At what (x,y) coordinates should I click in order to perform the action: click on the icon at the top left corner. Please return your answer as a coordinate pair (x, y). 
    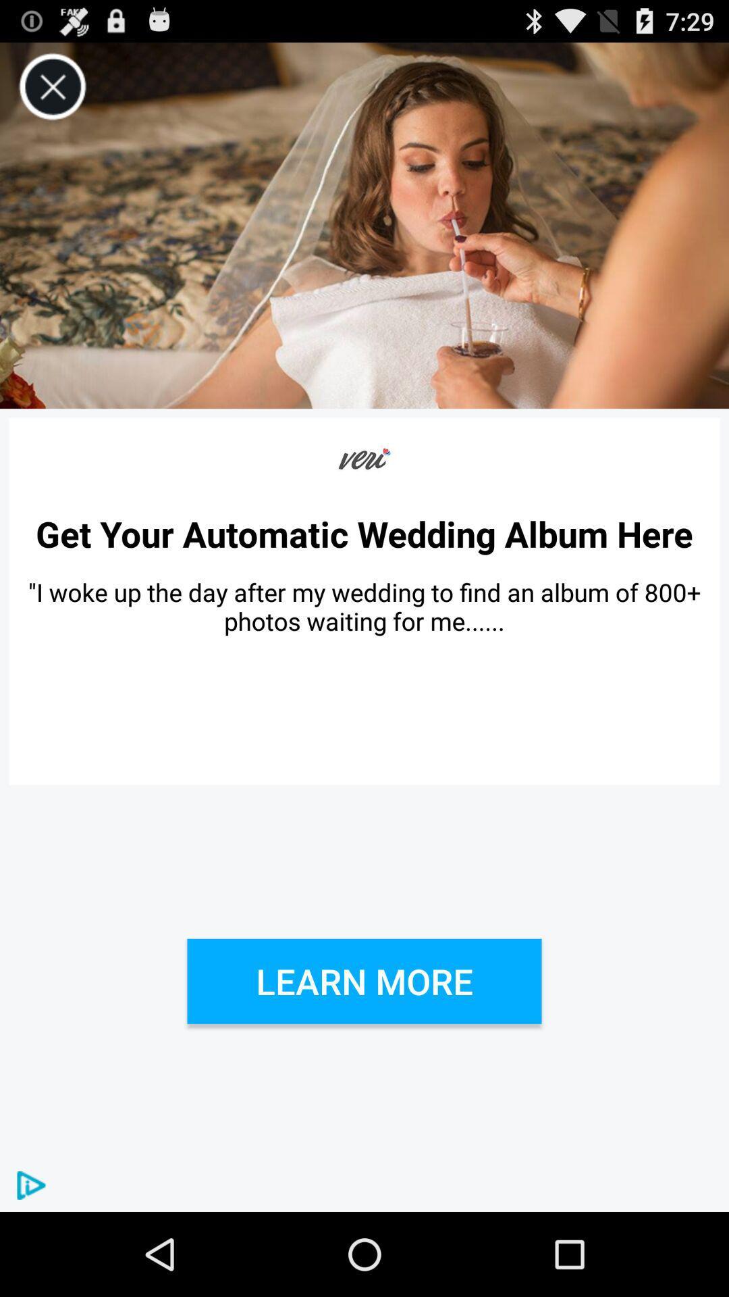
    Looking at the image, I should click on (52, 86).